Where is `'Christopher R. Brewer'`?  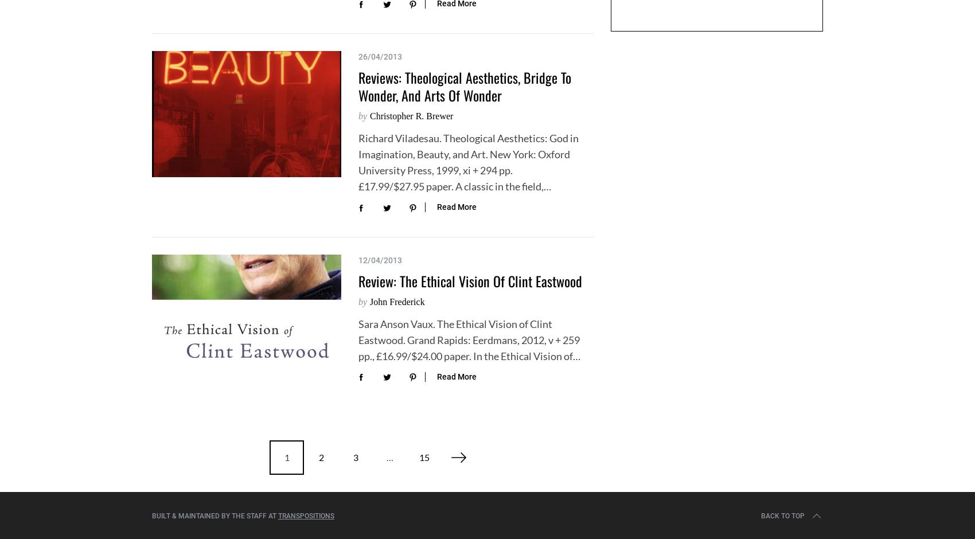
'Christopher R. Brewer' is located at coordinates (411, 115).